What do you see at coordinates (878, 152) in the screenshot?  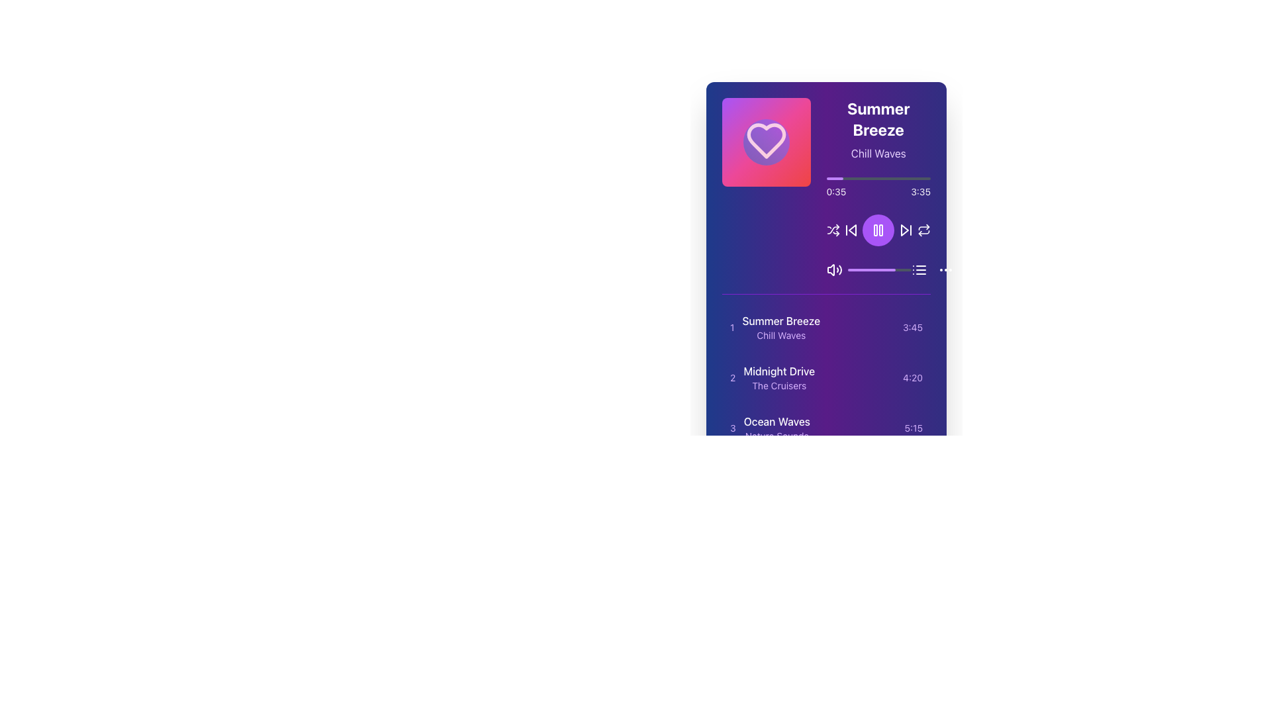 I see `the text label providing a subtitle or description related to 'Summer Breeze', located below the main title in the grouped section` at bounding box center [878, 152].